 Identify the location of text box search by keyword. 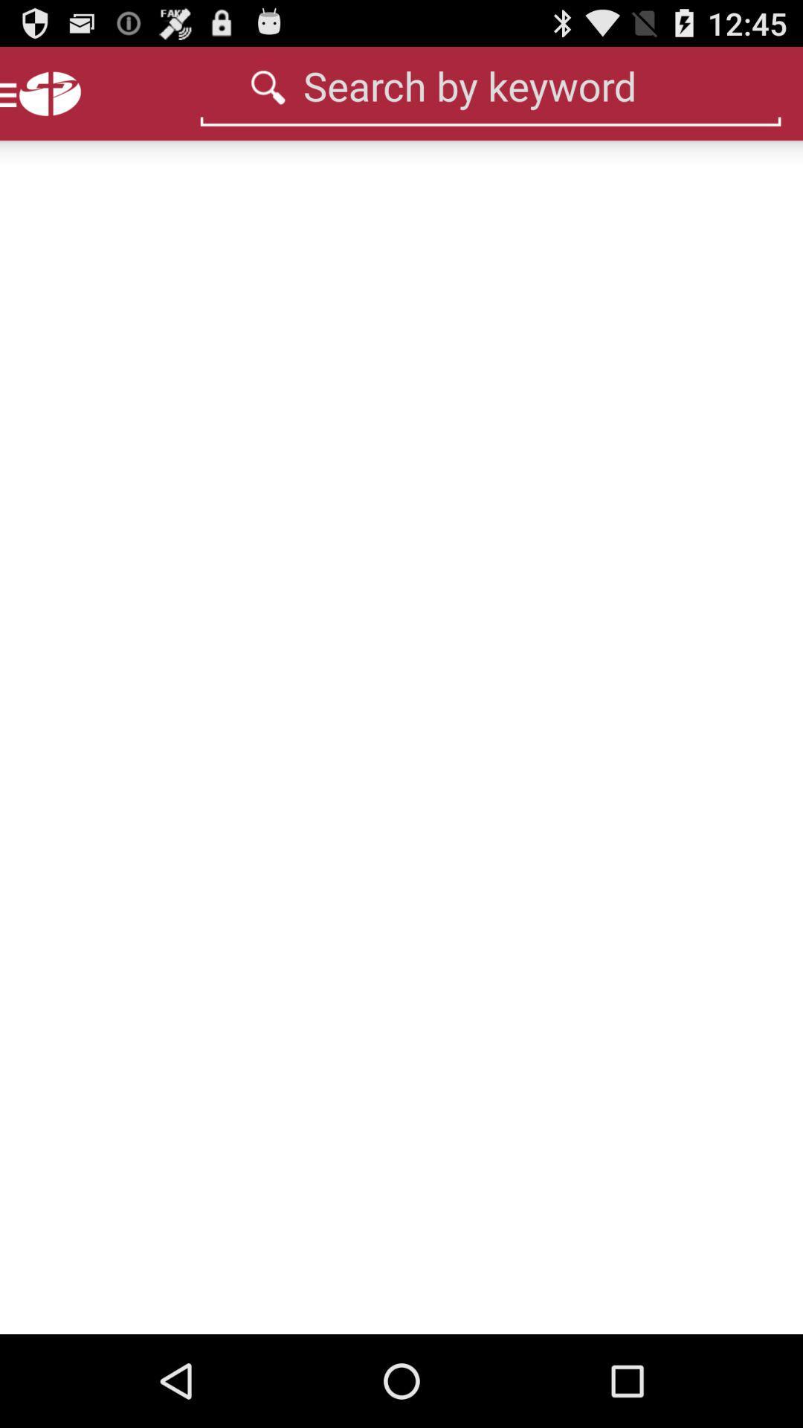
(490, 85).